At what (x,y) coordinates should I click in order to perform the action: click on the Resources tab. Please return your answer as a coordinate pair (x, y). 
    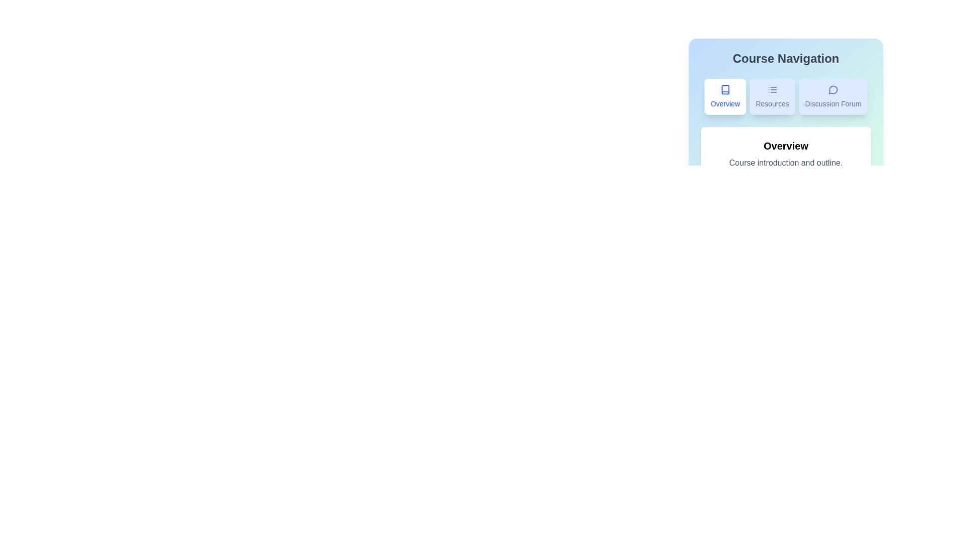
    Looking at the image, I should click on (772, 96).